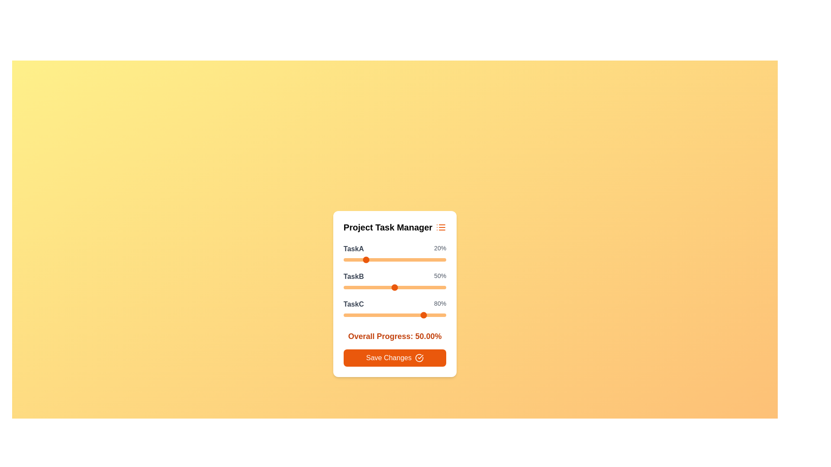 The width and height of the screenshot is (831, 467). Describe the element at coordinates (441, 227) in the screenshot. I see `the icon next to the title to open potential actions` at that location.